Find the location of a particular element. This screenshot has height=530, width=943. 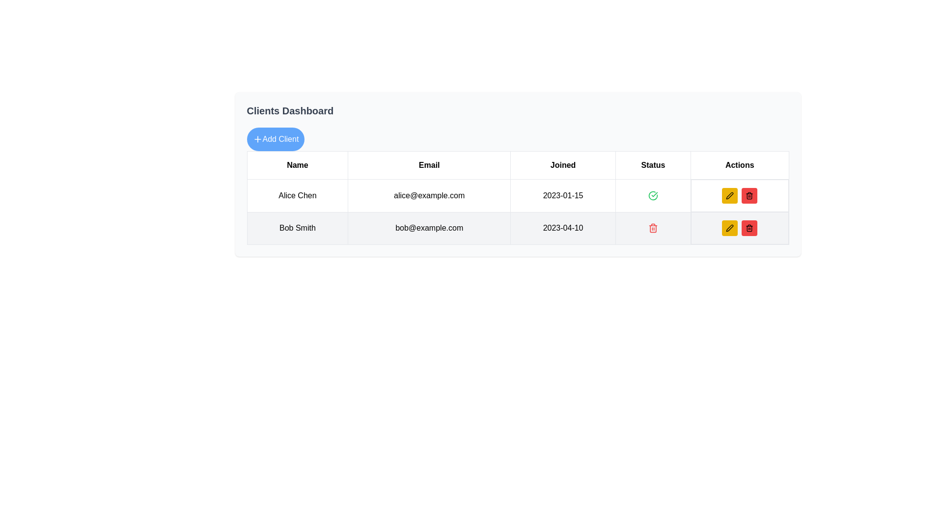

the static text displaying Alice Chen's email address in the second column of the first row of the Clients Dashboard table is located at coordinates (429, 195).